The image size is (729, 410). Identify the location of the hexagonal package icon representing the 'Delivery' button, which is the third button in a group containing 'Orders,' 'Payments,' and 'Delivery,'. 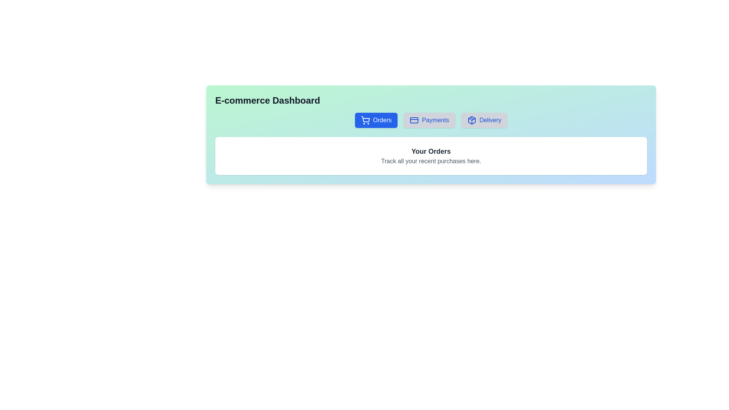
(471, 120).